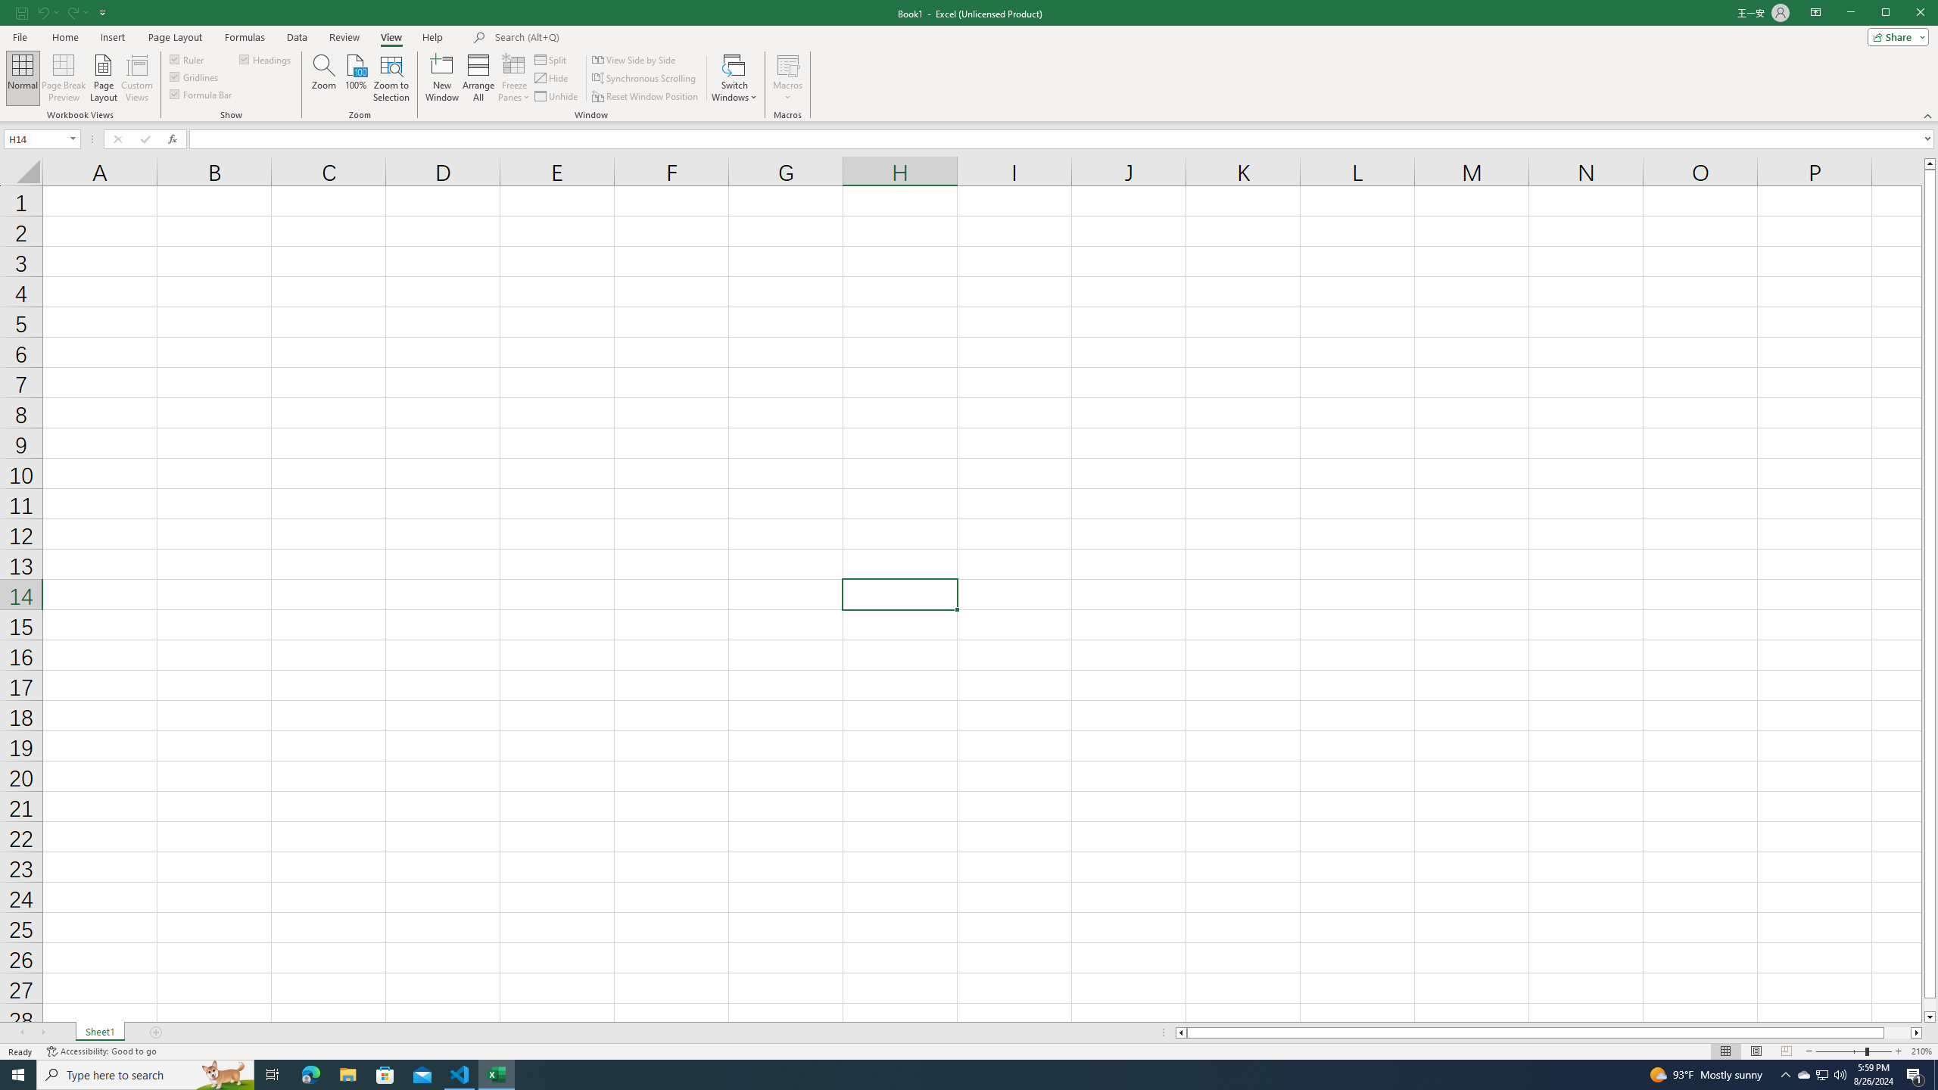  Describe the element at coordinates (787, 78) in the screenshot. I see `'Macros'` at that location.